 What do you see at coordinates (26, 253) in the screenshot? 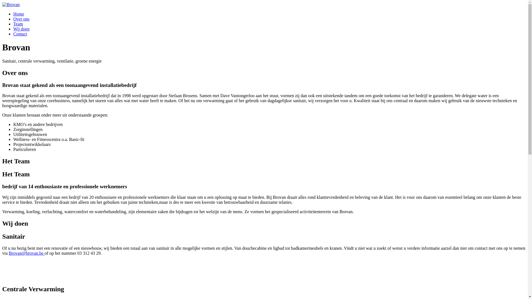
I see `'Brovan@brovan.be'` at bounding box center [26, 253].